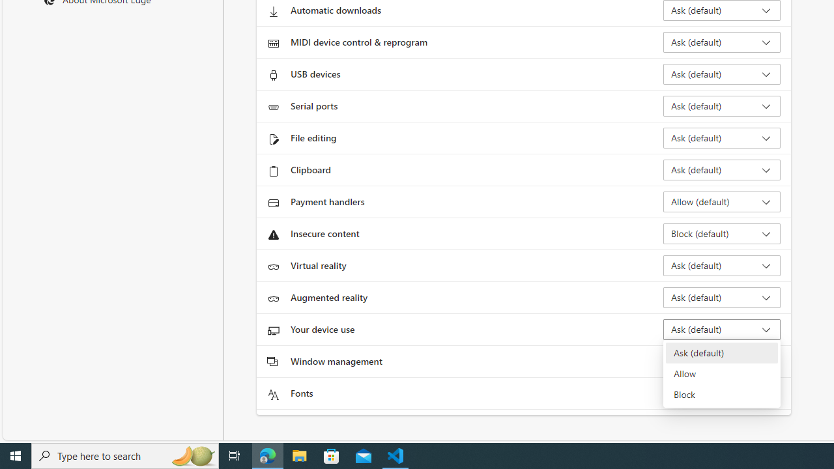 This screenshot has width=834, height=469. Describe the element at coordinates (721, 373) in the screenshot. I see `'Allow'` at that location.